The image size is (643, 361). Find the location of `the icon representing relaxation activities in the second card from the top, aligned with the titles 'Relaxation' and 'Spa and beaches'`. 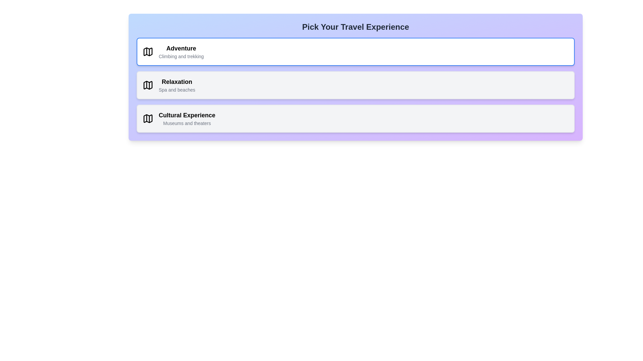

the icon representing relaxation activities in the second card from the top, aligned with the titles 'Relaxation' and 'Spa and beaches' is located at coordinates (147, 85).